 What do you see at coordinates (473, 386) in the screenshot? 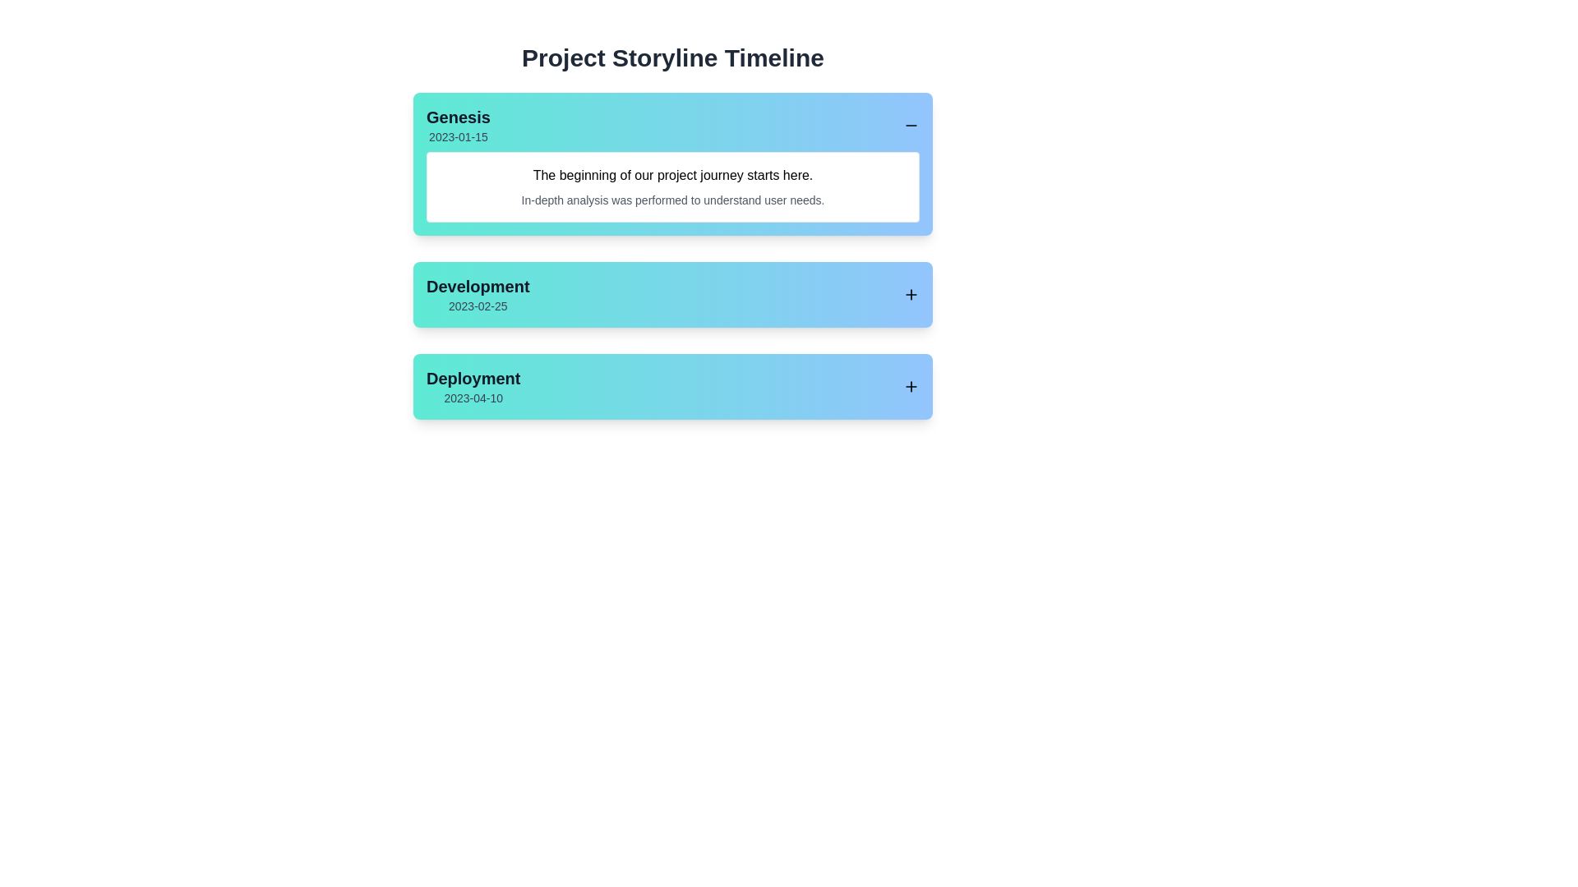
I see `information displayed in the Text Display element that shows 'Deployment' in bold and '2023-04-10' in smaller font against a gradient blue background` at bounding box center [473, 386].